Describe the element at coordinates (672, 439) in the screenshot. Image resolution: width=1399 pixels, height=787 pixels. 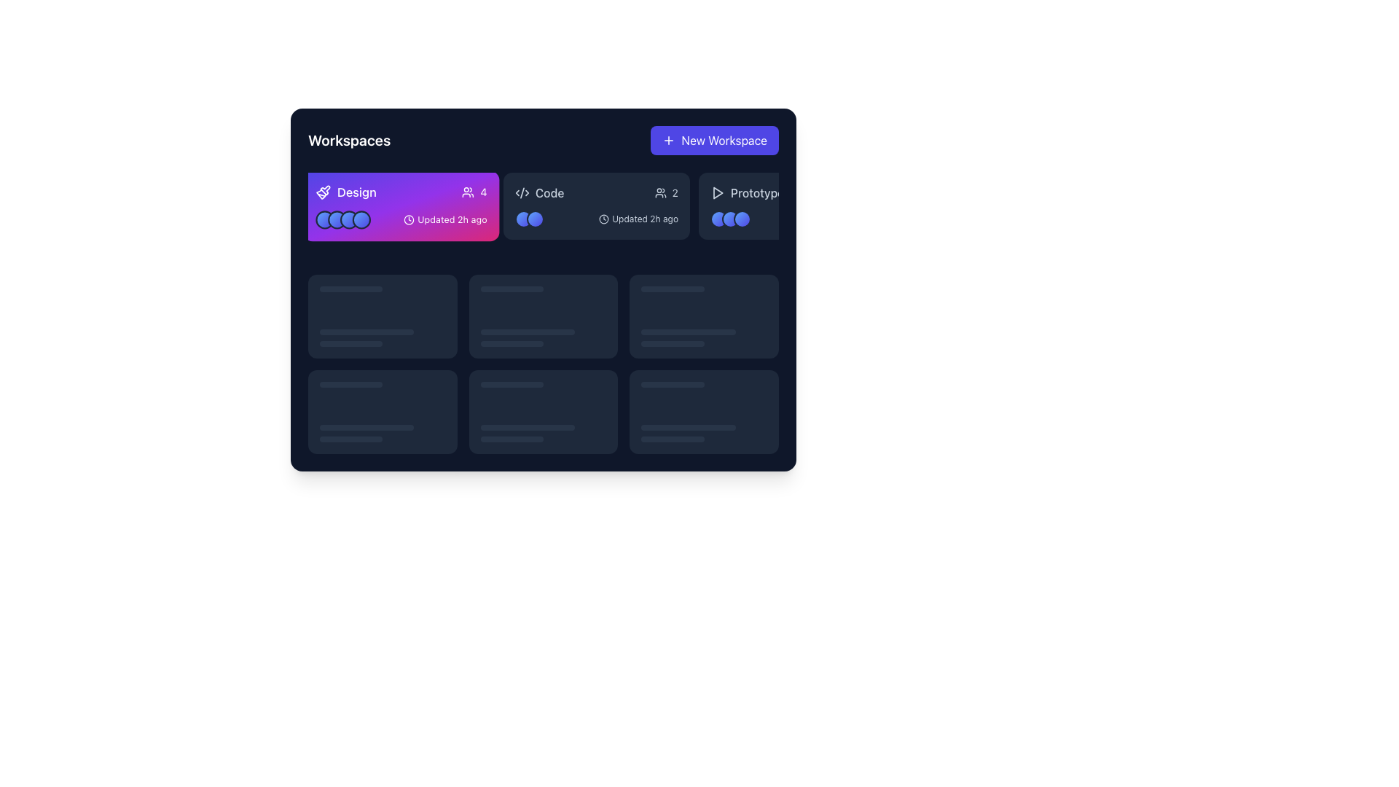
I see `the narrow horizontal progress bar with rounded corners, styled in dark slate color, located in the bottom section of a rectangular card towards the lower-right corner of the interface` at that location.